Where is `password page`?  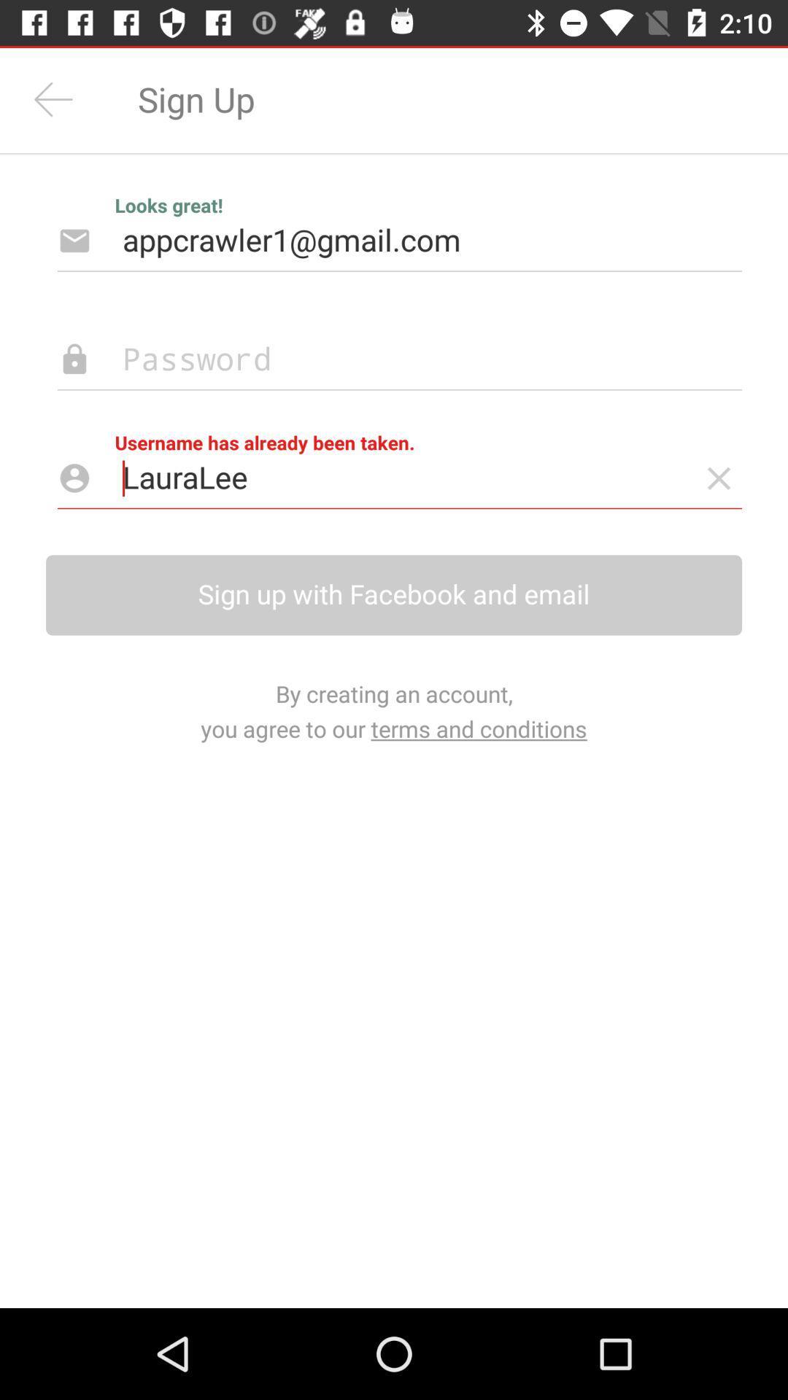
password page is located at coordinates (376, 359).